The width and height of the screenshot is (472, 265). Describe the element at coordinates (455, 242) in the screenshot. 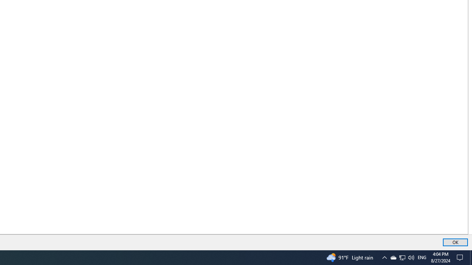

I see `'OK'` at that location.